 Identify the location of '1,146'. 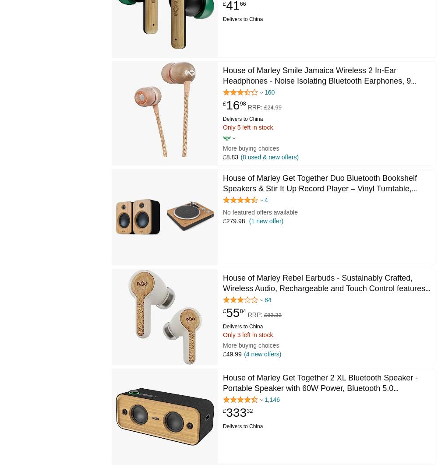
(272, 399).